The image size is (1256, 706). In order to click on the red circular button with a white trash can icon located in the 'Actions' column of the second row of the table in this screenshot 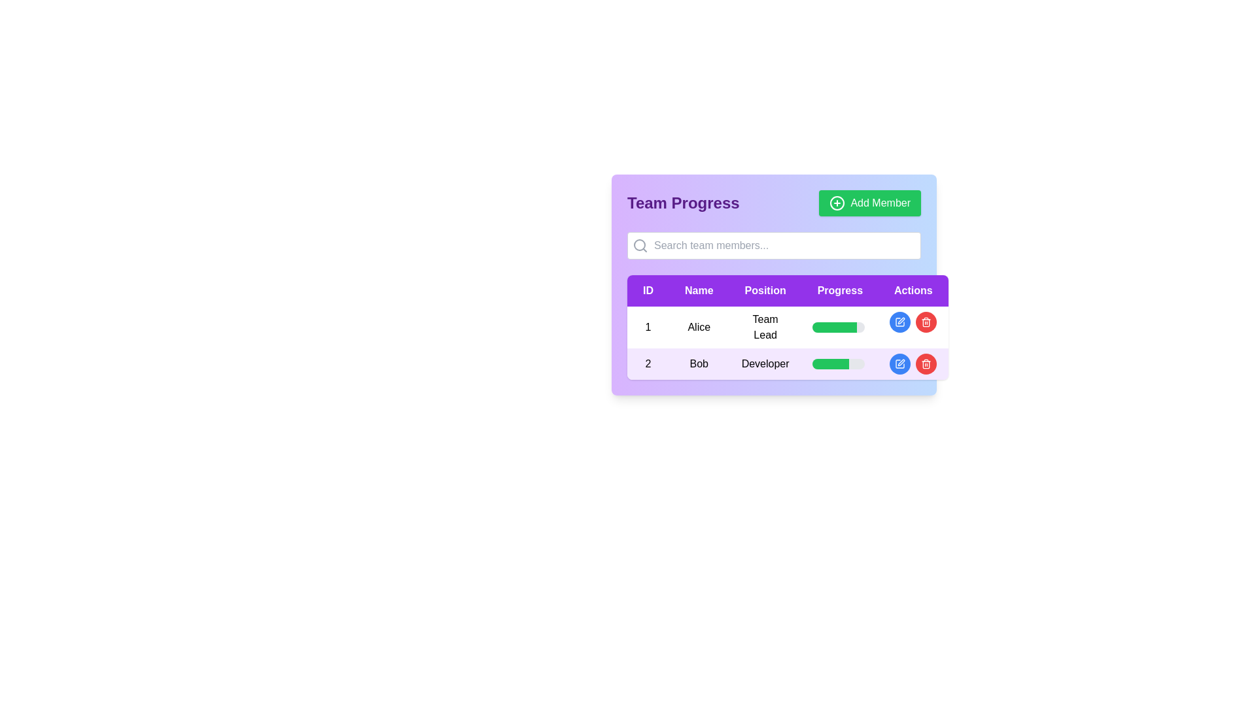, I will do `click(926, 363)`.